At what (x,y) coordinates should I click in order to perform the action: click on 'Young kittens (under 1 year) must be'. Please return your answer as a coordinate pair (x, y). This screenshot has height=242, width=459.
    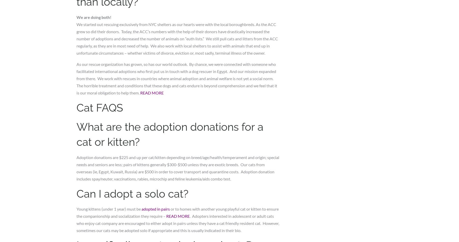
    Looking at the image, I should click on (109, 209).